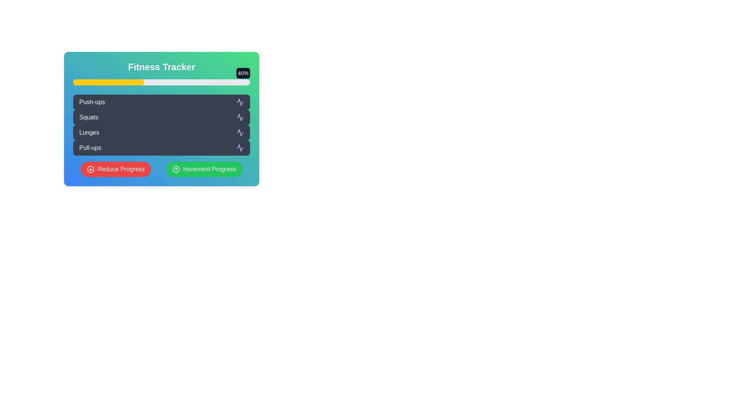  I want to click on the progress icon next to the 'Squats' entry in the activity list, so click(239, 117).